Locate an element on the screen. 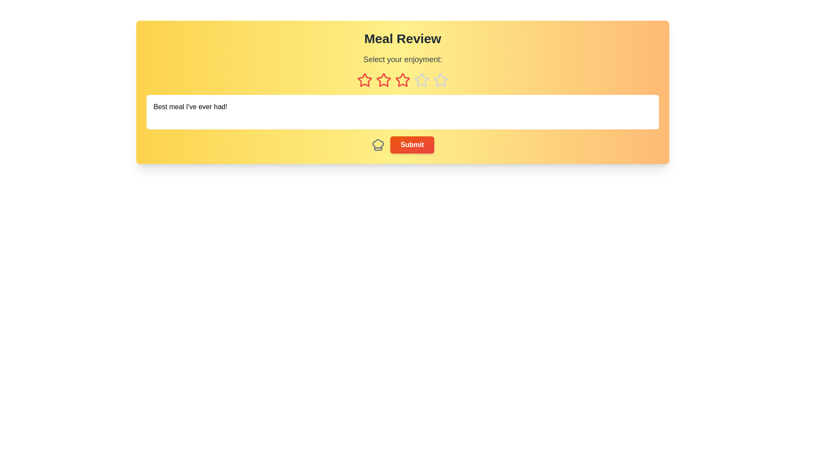  the third star icon in the five-star rating system located beneath the text 'Select your enjoyment:' is located at coordinates (383, 80).